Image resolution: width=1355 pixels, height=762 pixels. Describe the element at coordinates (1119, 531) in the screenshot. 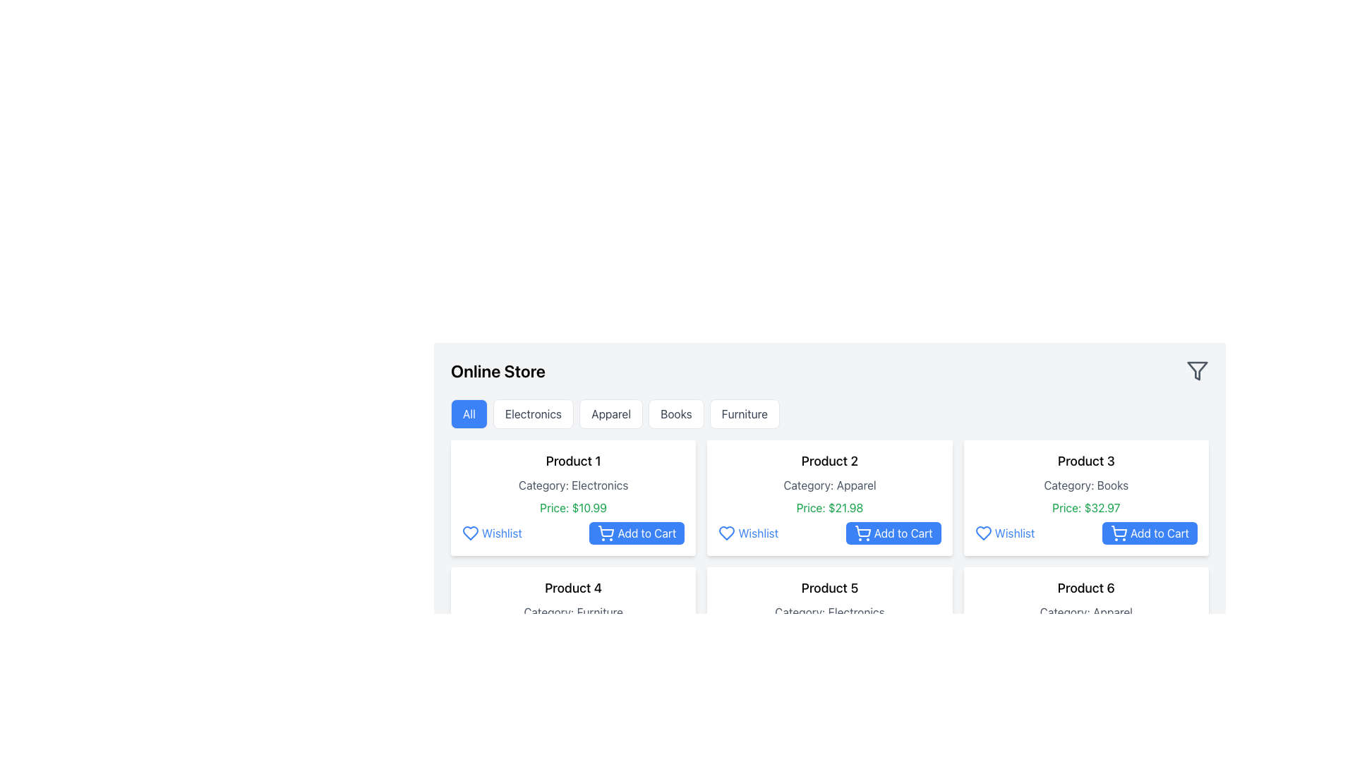

I see `the decorative icon that symbolizes adding 'Product 3' to the shopping cart, located at the bottom right of the product card` at that location.